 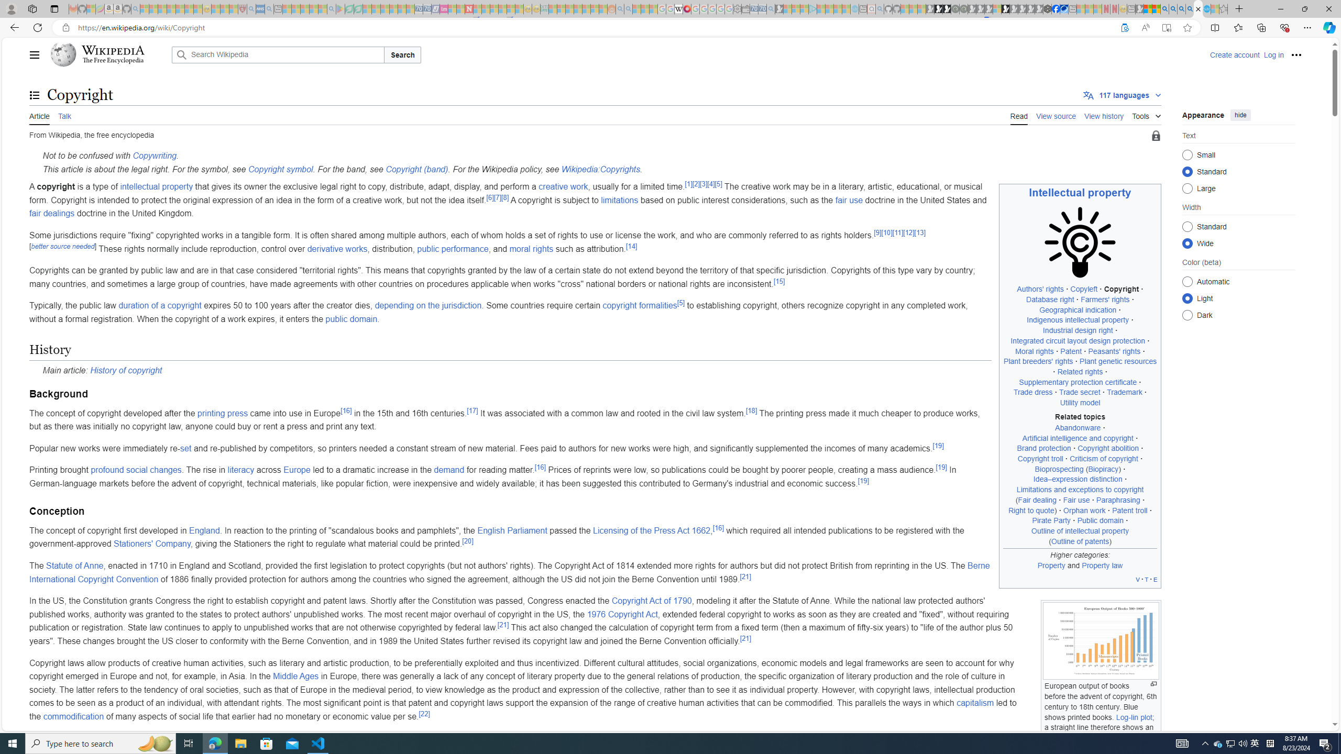 What do you see at coordinates (1078, 381) in the screenshot?
I see `'Supplementary protection certificate'` at bounding box center [1078, 381].